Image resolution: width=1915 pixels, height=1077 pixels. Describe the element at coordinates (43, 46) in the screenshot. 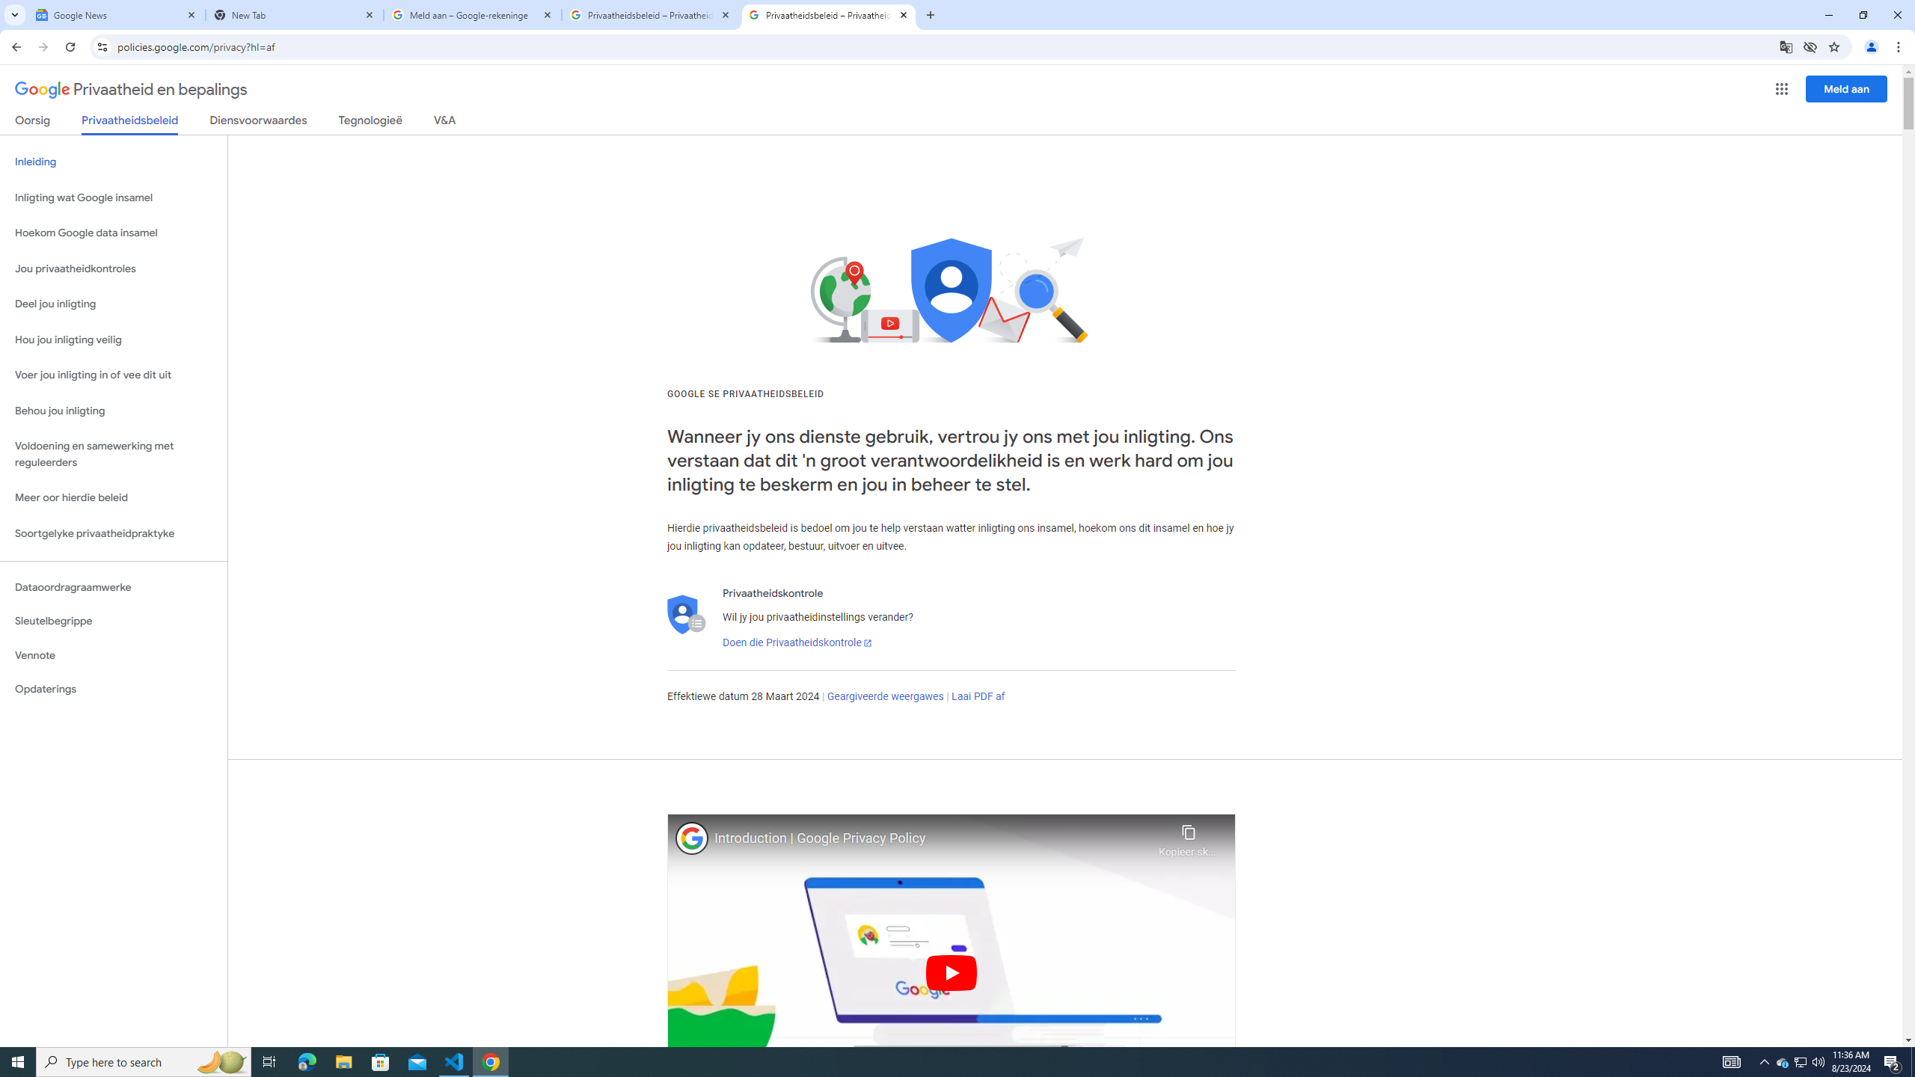

I see `'Forward'` at that location.